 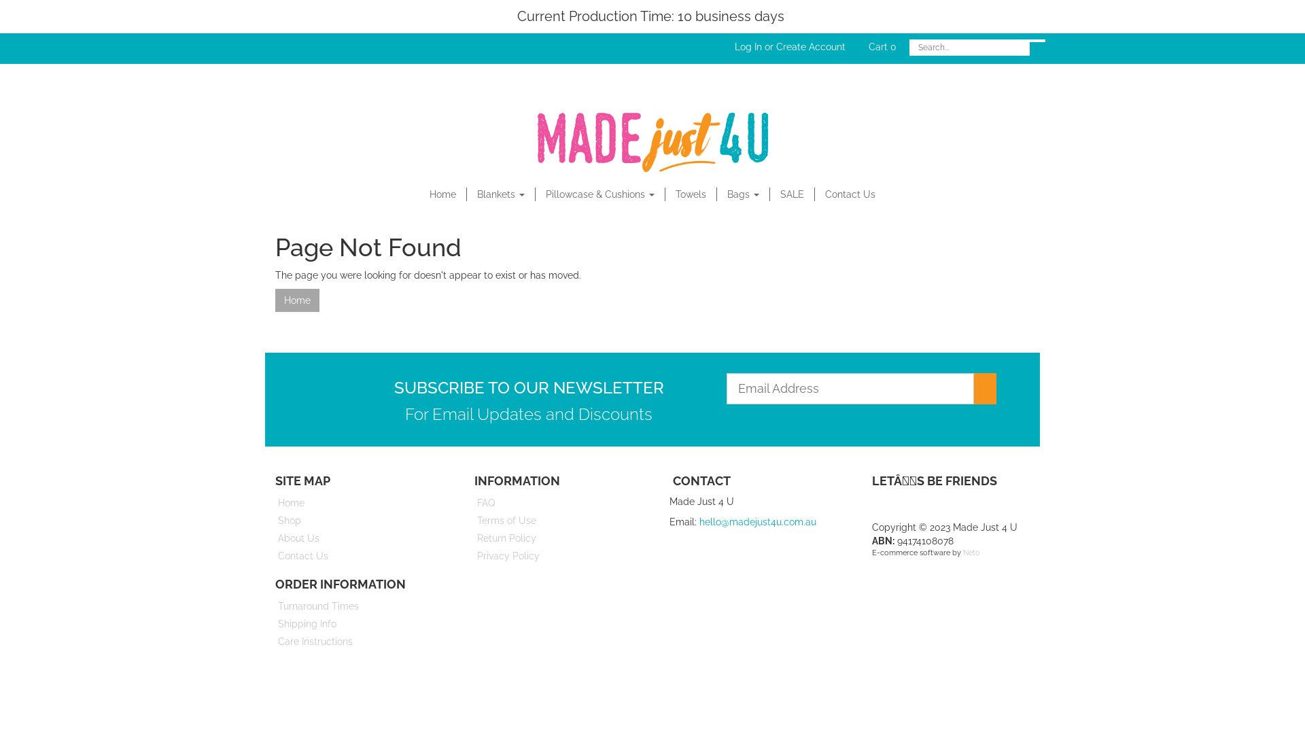 I want to click on 'hello@madejust4u.com.au', so click(x=756, y=521).